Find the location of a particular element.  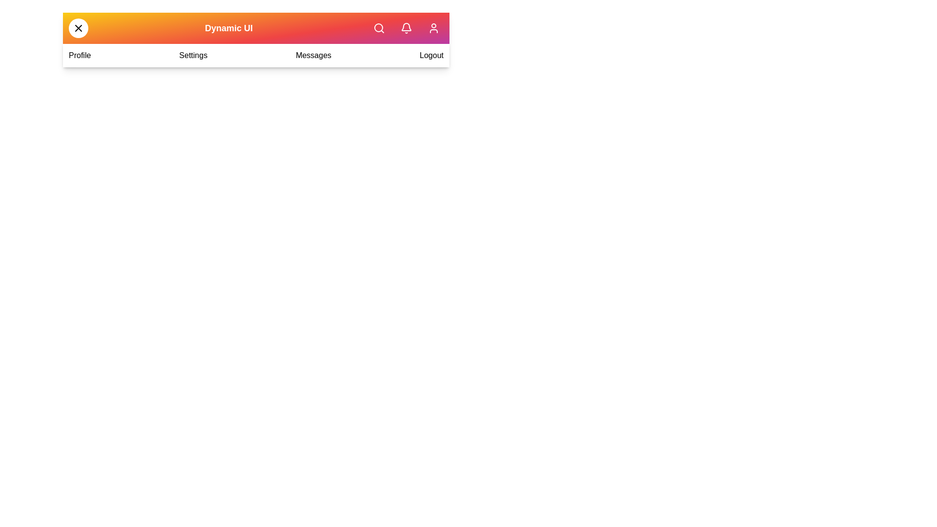

the 'Profile' menu item in the navigation bar is located at coordinates (80, 56).